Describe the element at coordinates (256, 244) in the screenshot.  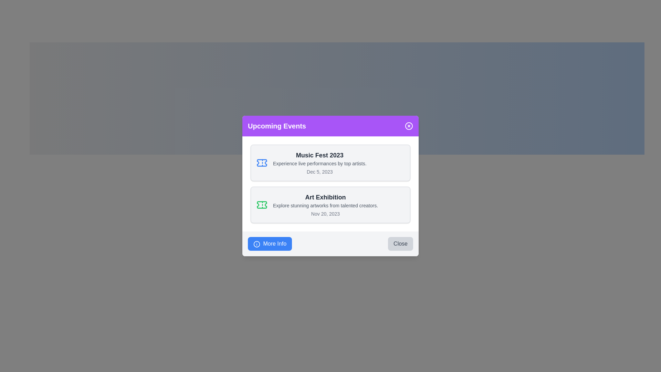
I see `the information icon located within the 'More Info' button at the lower-left side of the popup interface` at that location.